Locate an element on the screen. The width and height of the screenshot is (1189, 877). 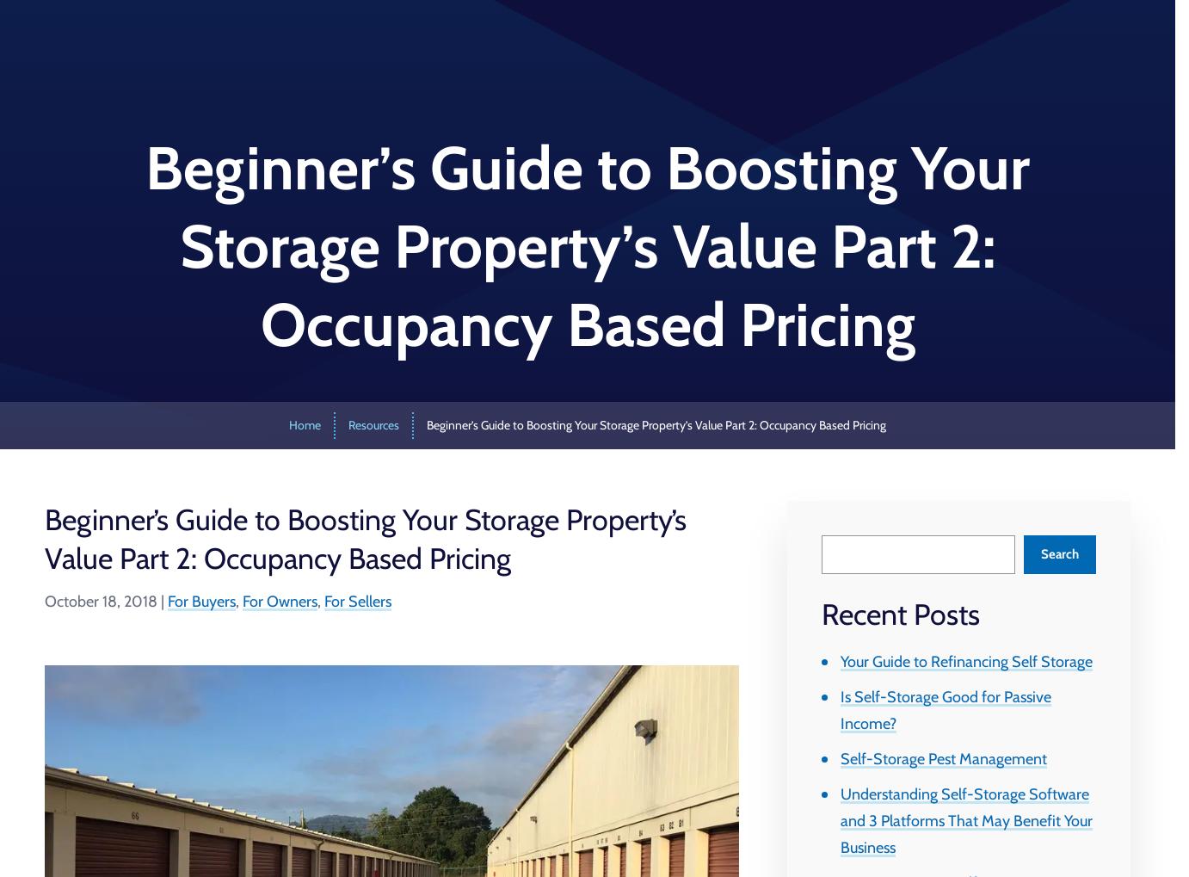
'In this example you can clearly see how the lower street rate is actually driving annual revenue. Once the customers have rented the unit, you can then put them in to your tenant increase schedule that we talked about in' is located at coordinates (385, 157).